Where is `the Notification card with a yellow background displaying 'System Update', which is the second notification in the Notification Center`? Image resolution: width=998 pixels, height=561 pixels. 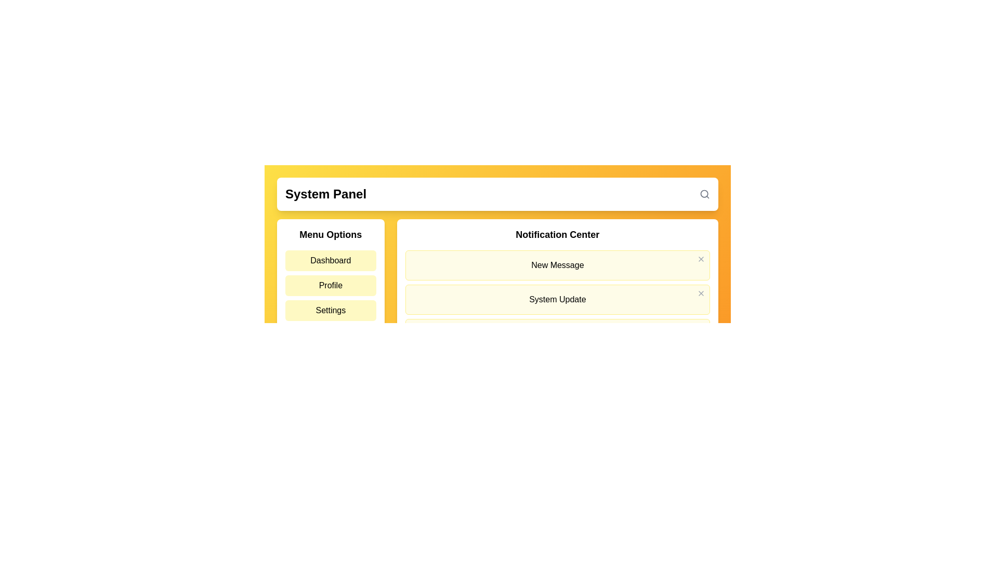
the Notification card with a yellow background displaying 'System Update', which is the second notification in the Notification Center is located at coordinates (557, 300).